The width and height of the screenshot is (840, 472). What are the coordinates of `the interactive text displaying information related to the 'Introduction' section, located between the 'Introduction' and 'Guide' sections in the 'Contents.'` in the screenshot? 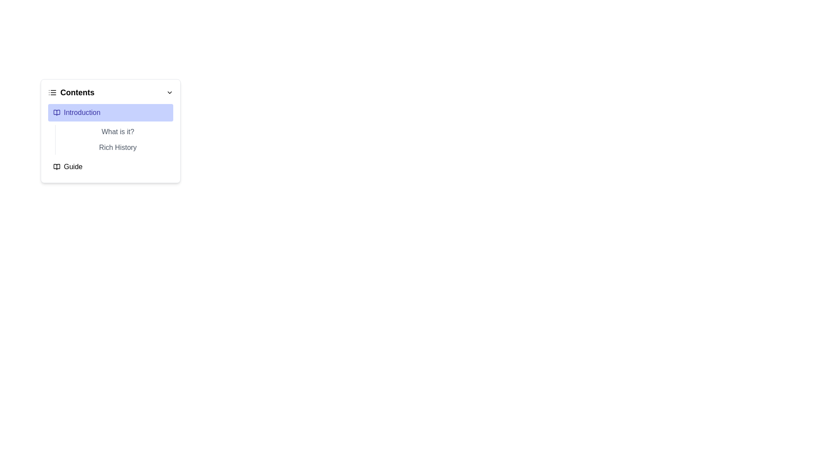 It's located at (110, 139).